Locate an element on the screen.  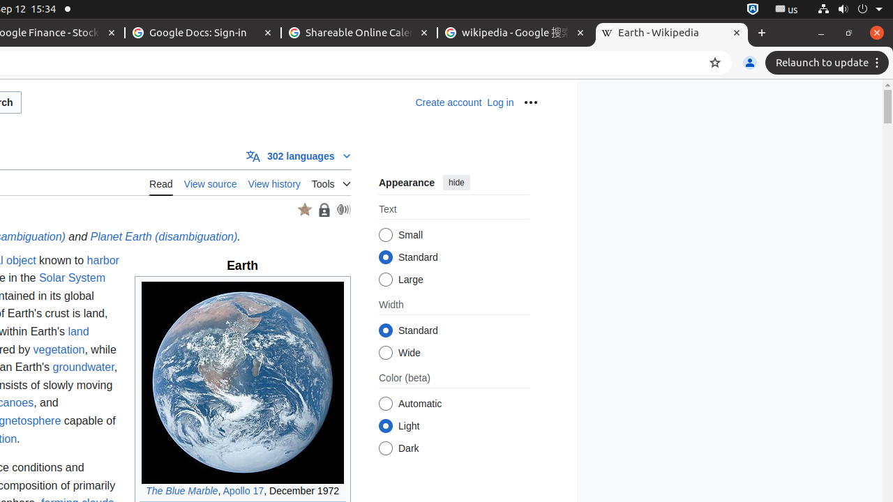
'Automatic' is located at coordinates (385, 404).